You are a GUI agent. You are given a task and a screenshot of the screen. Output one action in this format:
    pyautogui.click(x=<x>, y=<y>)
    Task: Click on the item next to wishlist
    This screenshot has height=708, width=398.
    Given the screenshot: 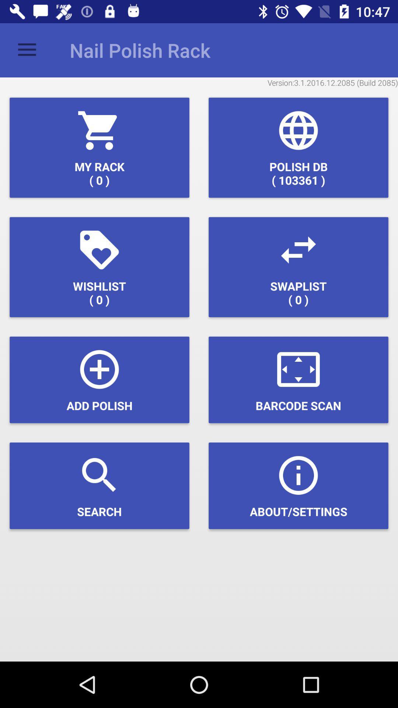 What is the action you would take?
    pyautogui.click(x=298, y=267)
    